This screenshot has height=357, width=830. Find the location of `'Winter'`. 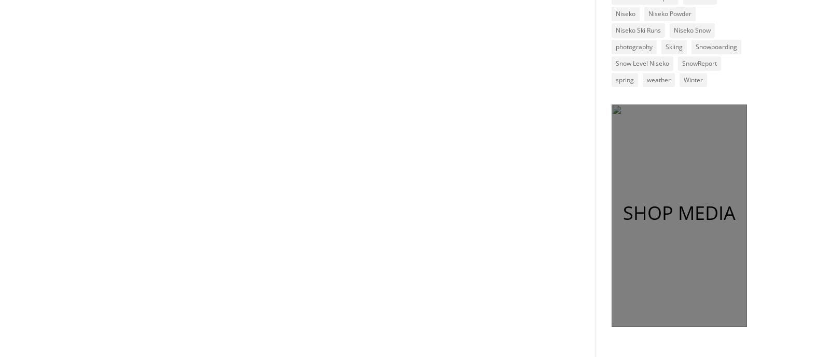

'Winter' is located at coordinates (692, 79).